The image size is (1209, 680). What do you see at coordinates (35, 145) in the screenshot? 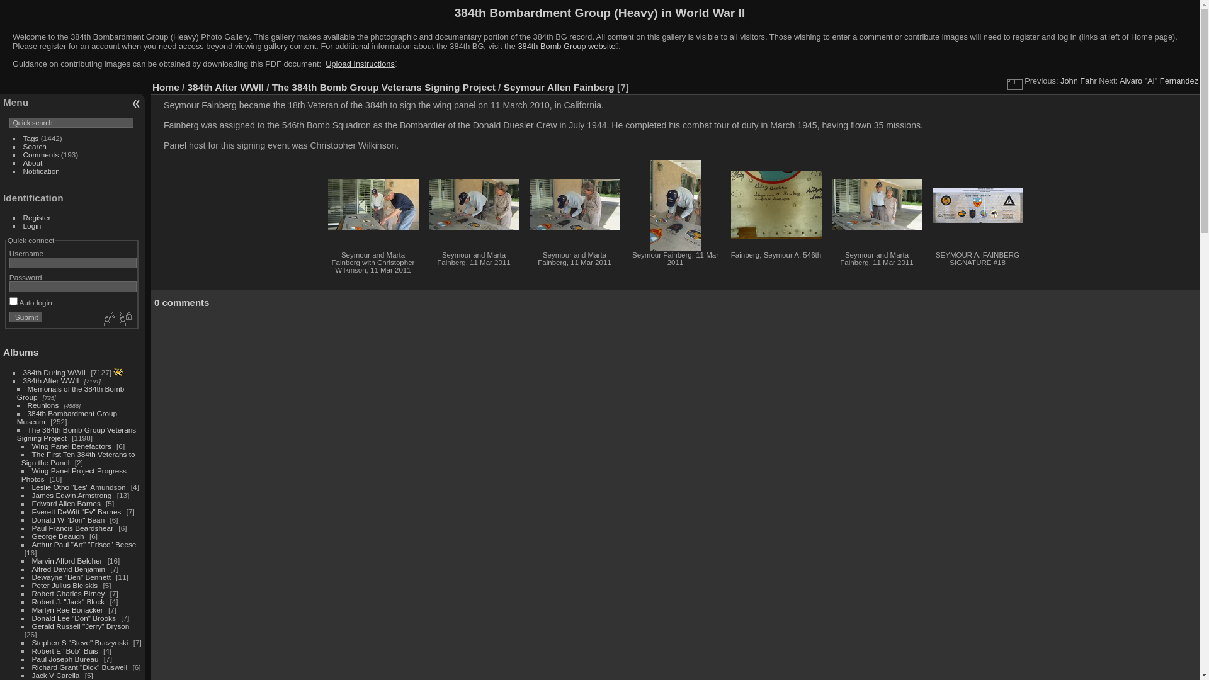
I see `'Search'` at bounding box center [35, 145].